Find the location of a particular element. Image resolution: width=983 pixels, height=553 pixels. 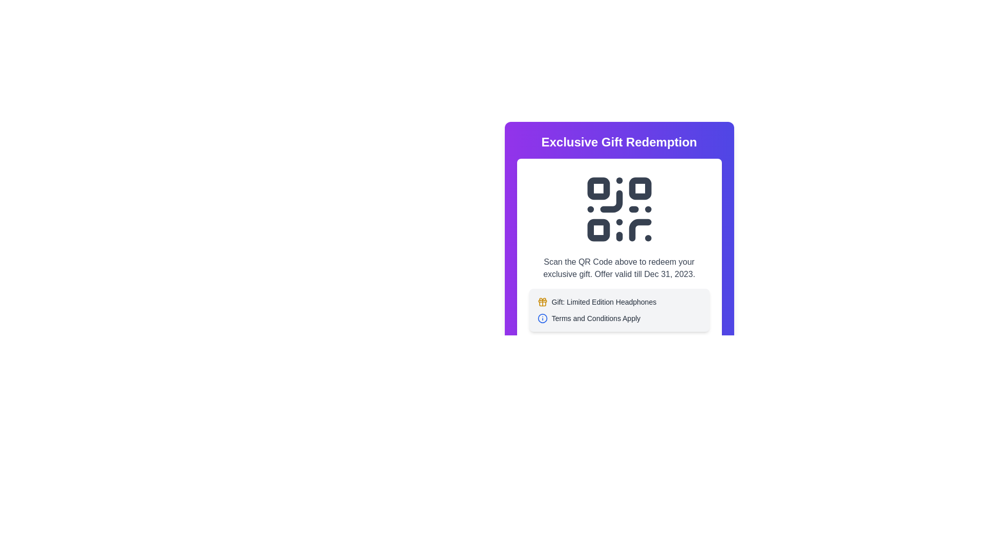

the SVG Circle Element located near the top-right of its enclosing context through accessibility navigation is located at coordinates (542, 317).